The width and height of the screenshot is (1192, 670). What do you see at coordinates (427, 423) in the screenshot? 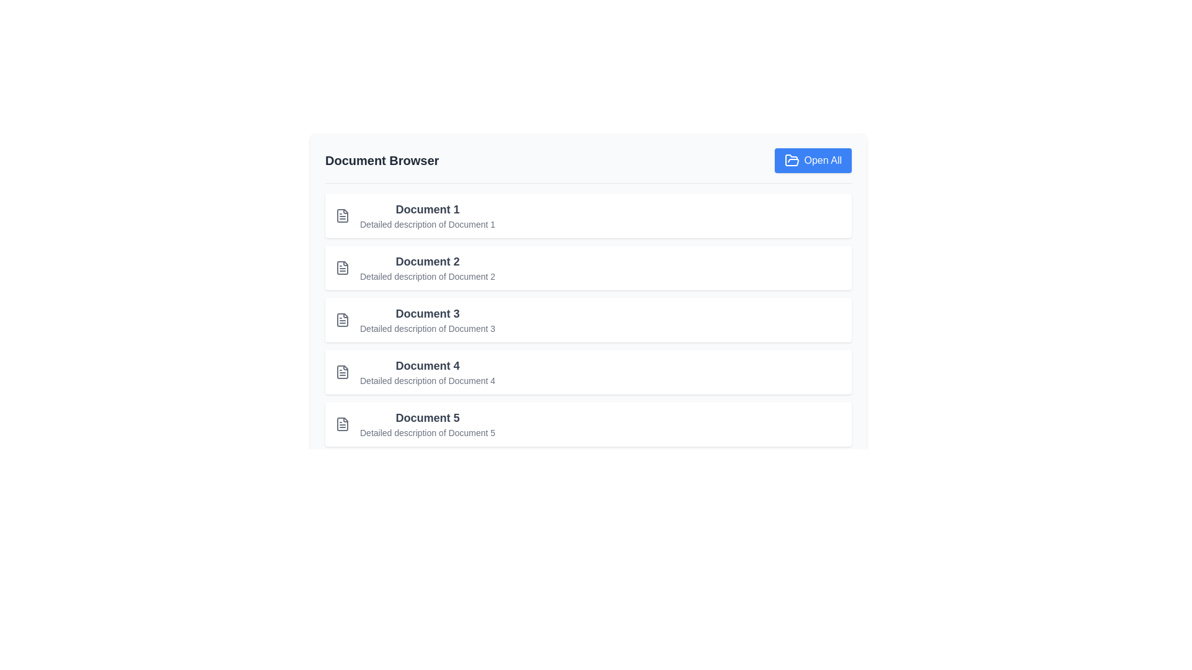
I see `the label displaying 'Document 5' which is styled with a subtitle 'Detailed description of Document 5', located in the lower portion of the viewport as the fifth entry in the document list` at bounding box center [427, 423].